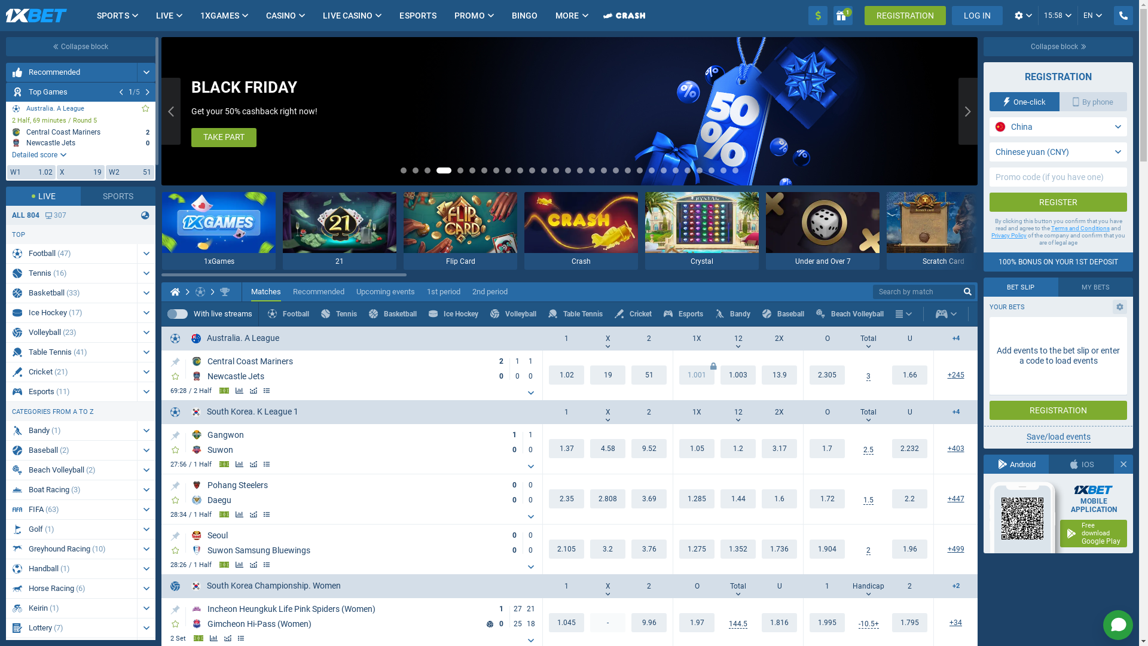 This screenshot has width=1148, height=646. Describe the element at coordinates (235, 338) in the screenshot. I see `'Australia. A League'` at that location.